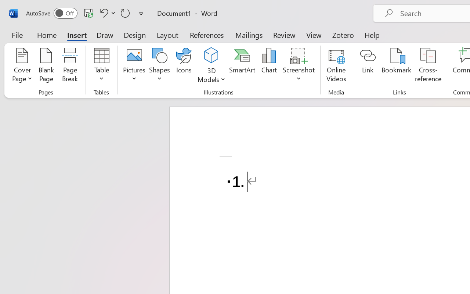 This screenshot has height=294, width=470. What do you see at coordinates (268, 66) in the screenshot?
I see `'Chart...'` at bounding box center [268, 66].